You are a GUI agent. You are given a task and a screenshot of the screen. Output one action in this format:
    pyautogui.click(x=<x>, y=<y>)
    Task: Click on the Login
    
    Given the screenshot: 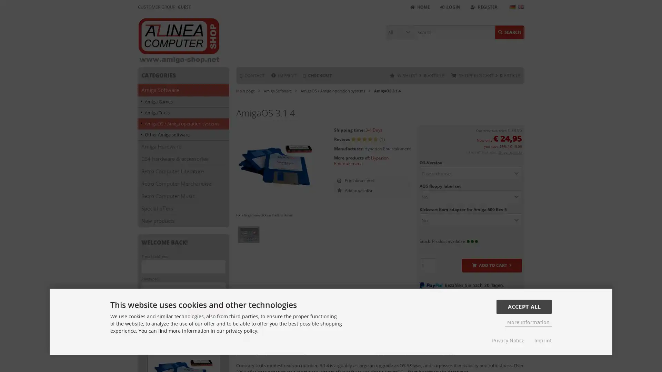 What is the action you would take?
    pyautogui.click(x=207, y=307)
    